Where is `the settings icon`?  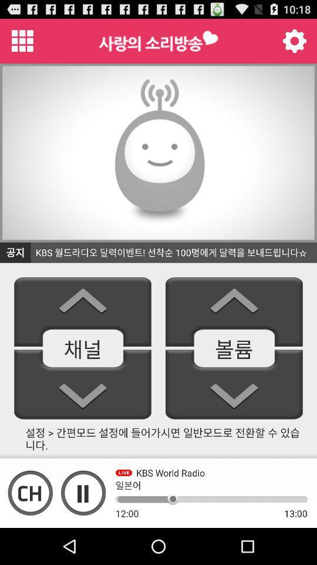 the settings icon is located at coordinates (294, 44).